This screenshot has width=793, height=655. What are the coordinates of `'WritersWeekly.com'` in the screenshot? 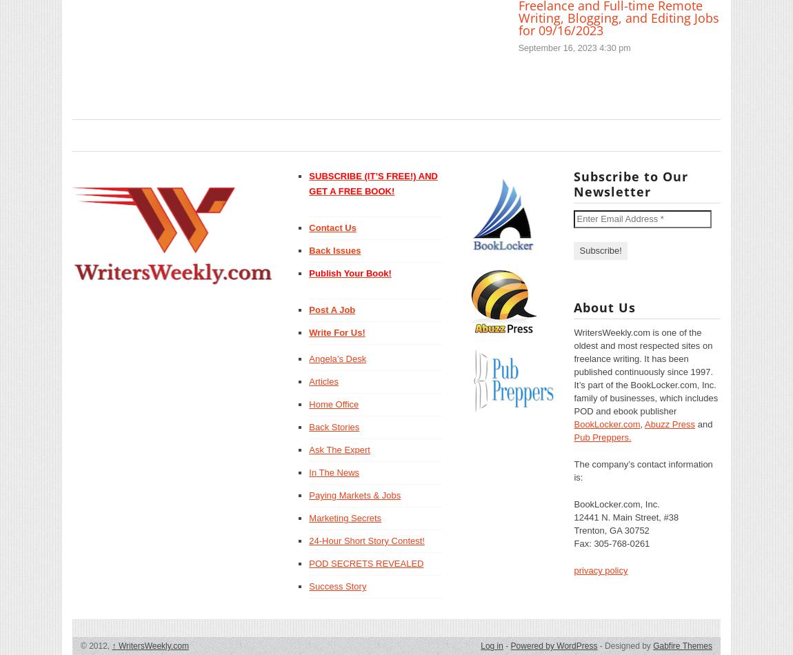 It's located at (151, 645).